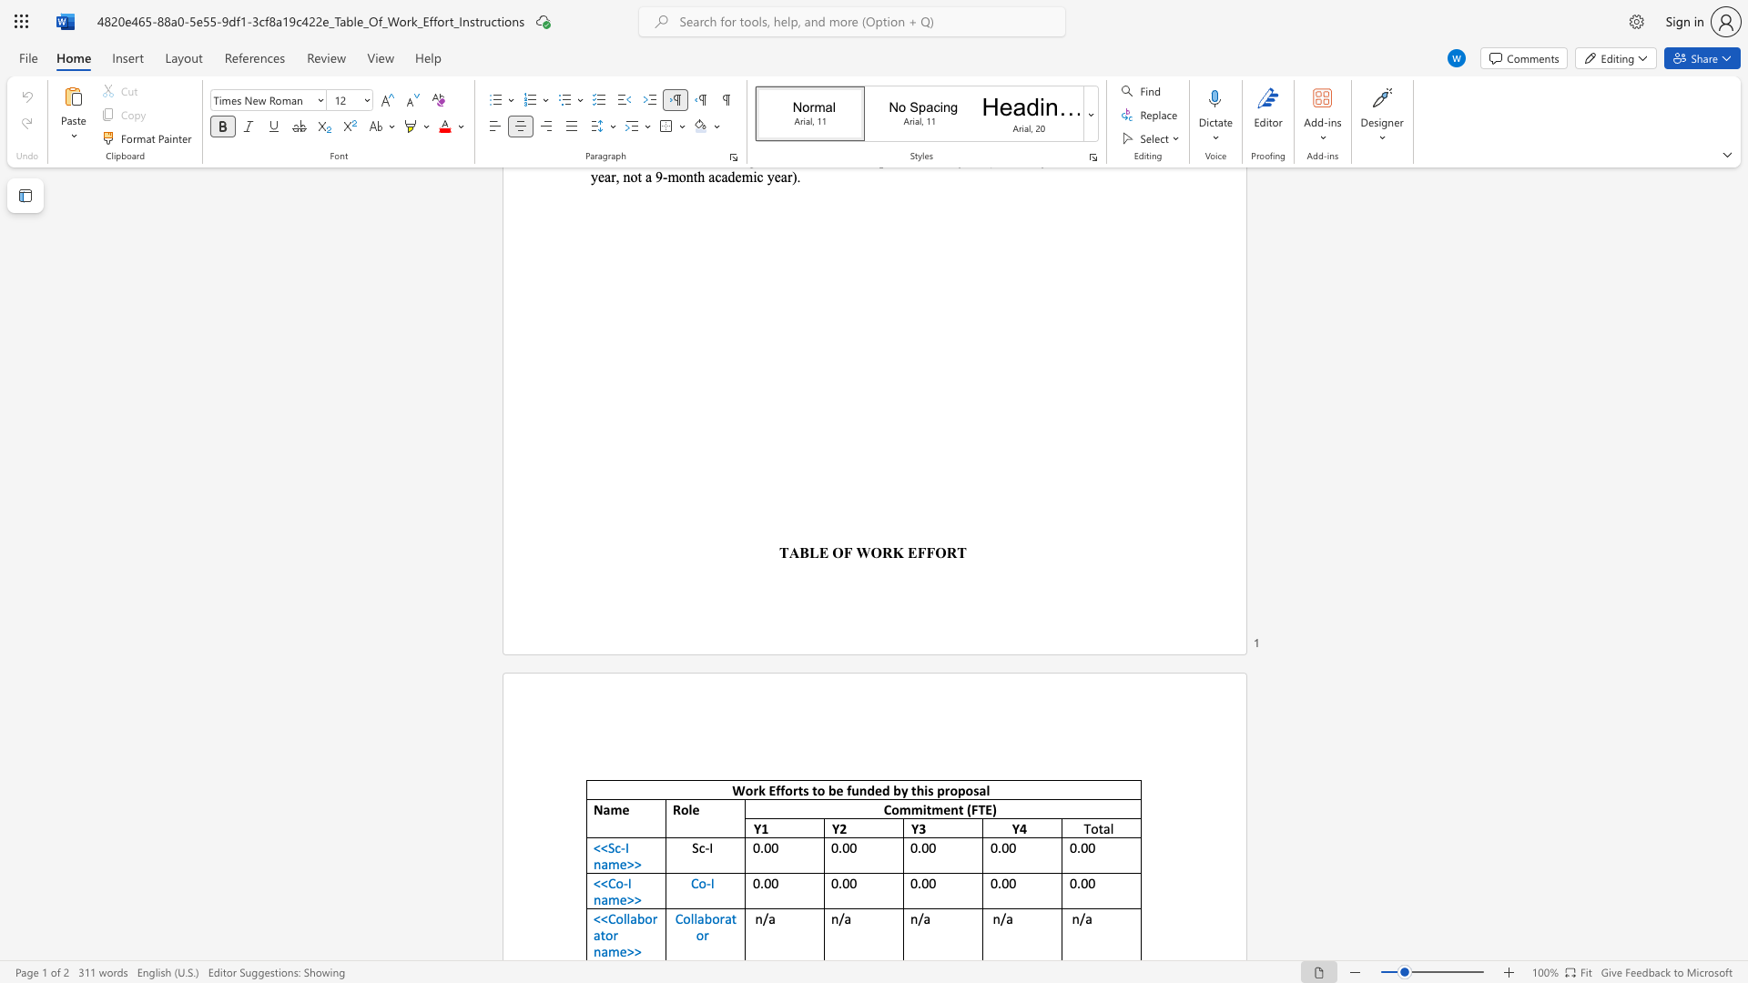  What do you see at coordinates (731, 918) in the screenshot?
I see `the subset text "tor" within the text "Collaborator"` at bounding box center [731, 918].